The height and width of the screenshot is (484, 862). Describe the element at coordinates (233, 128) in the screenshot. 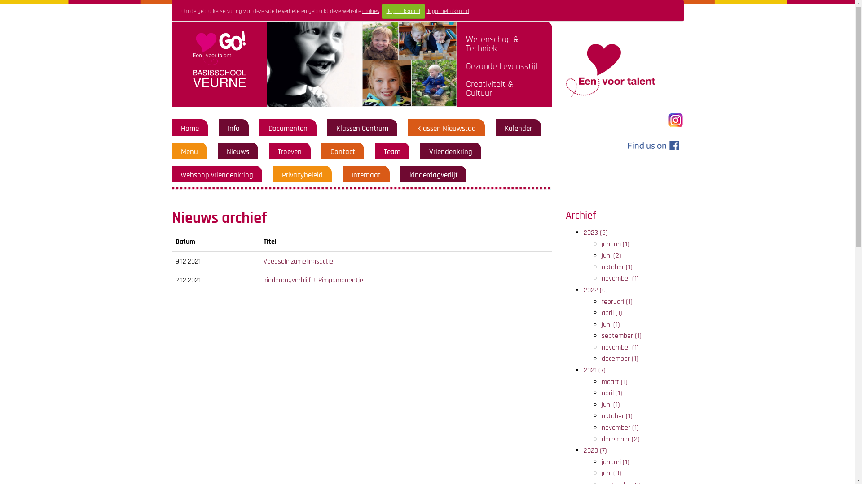

I see `'Info'` at that location.